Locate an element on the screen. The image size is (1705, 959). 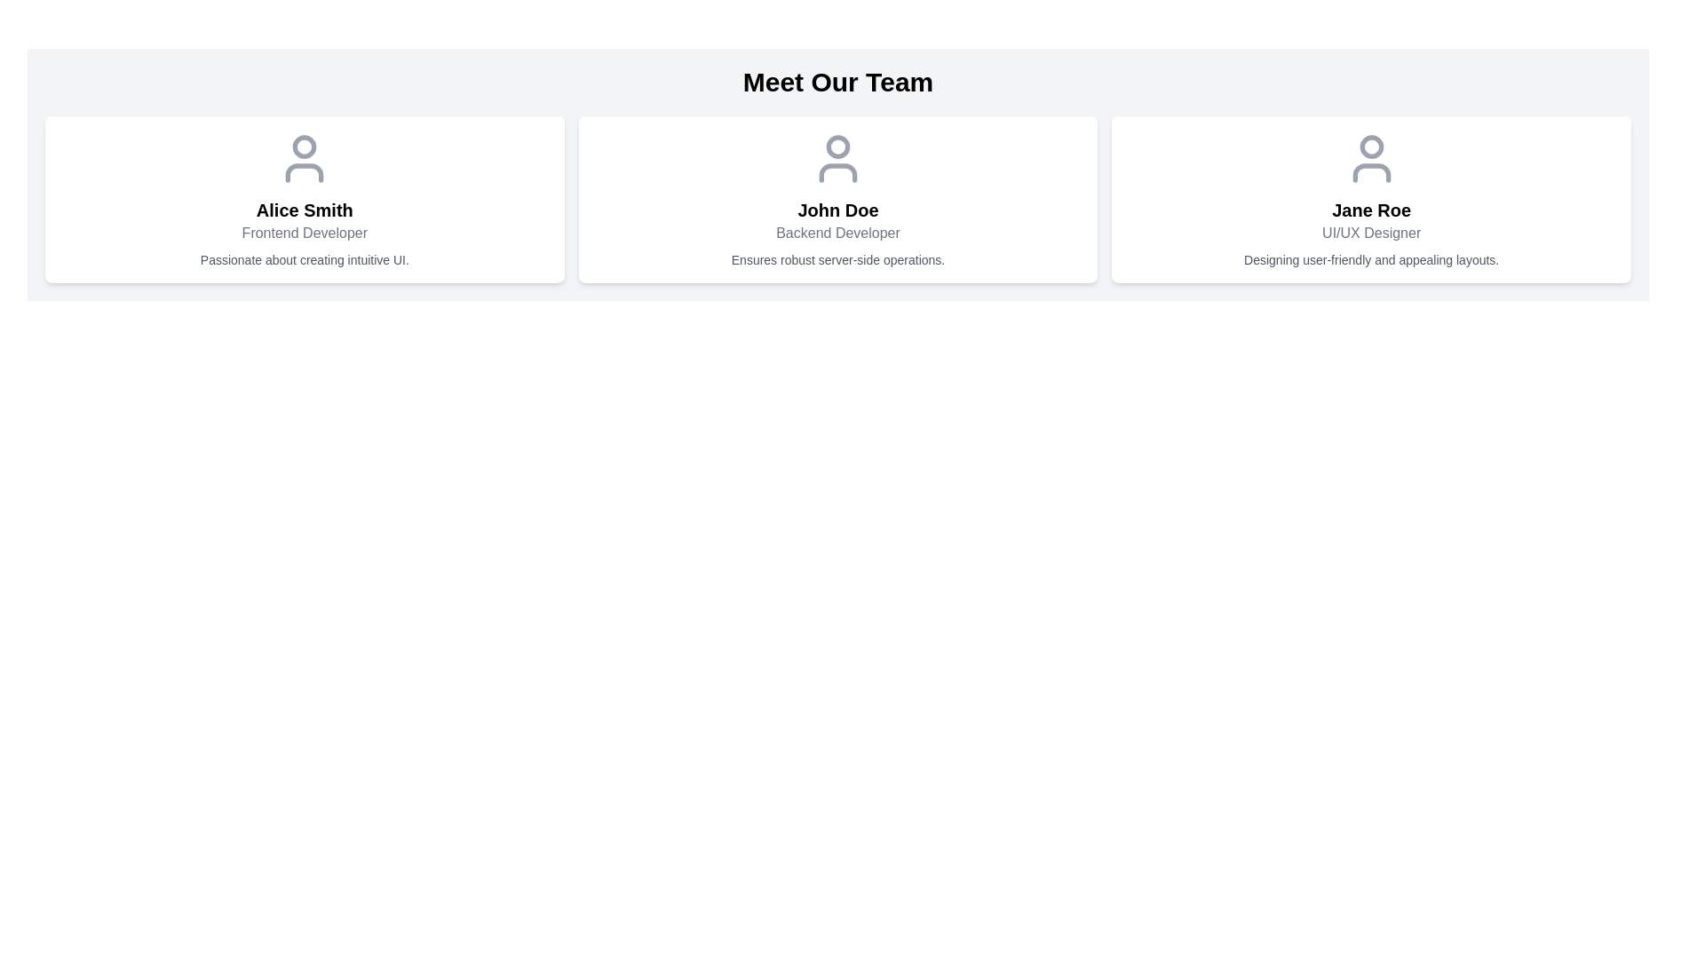
the static text display showing the name 'Jane Roe' is located at coordinates (1370, 209).